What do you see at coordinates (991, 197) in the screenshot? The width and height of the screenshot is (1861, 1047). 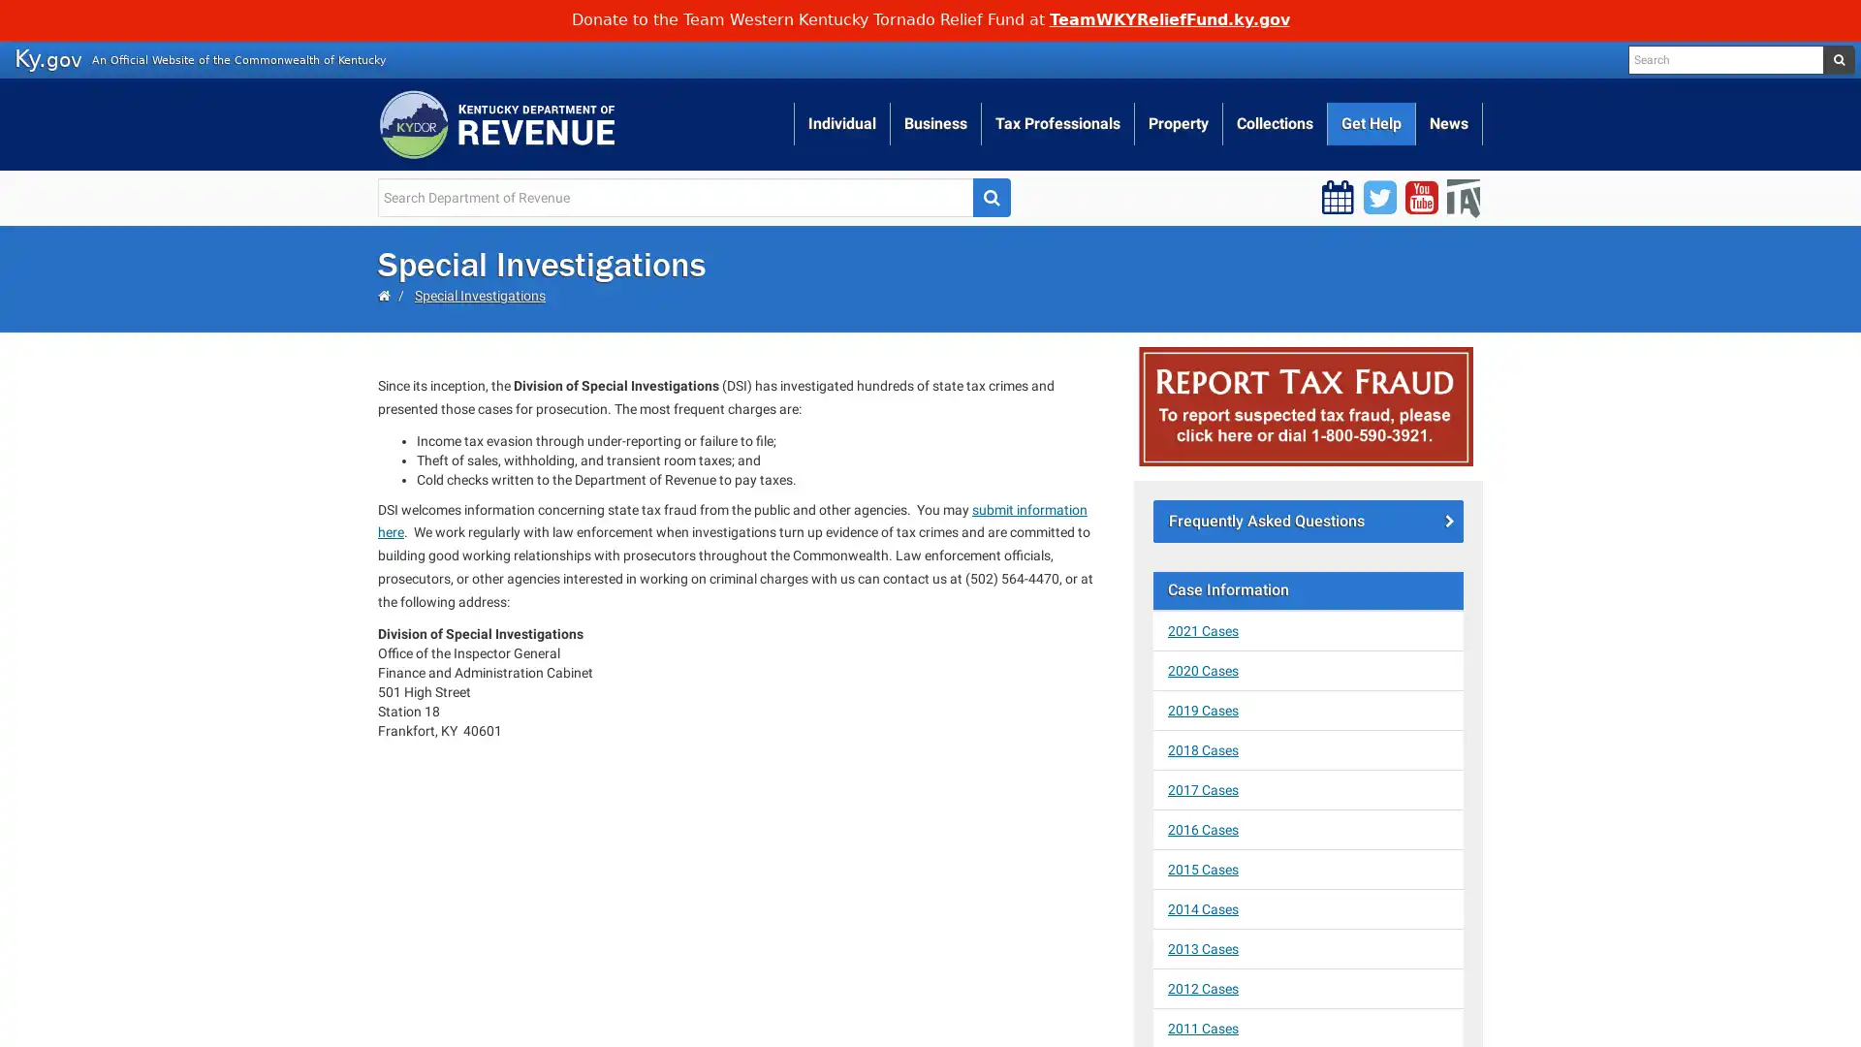 I see `Search` at bounding box center [991, 197].